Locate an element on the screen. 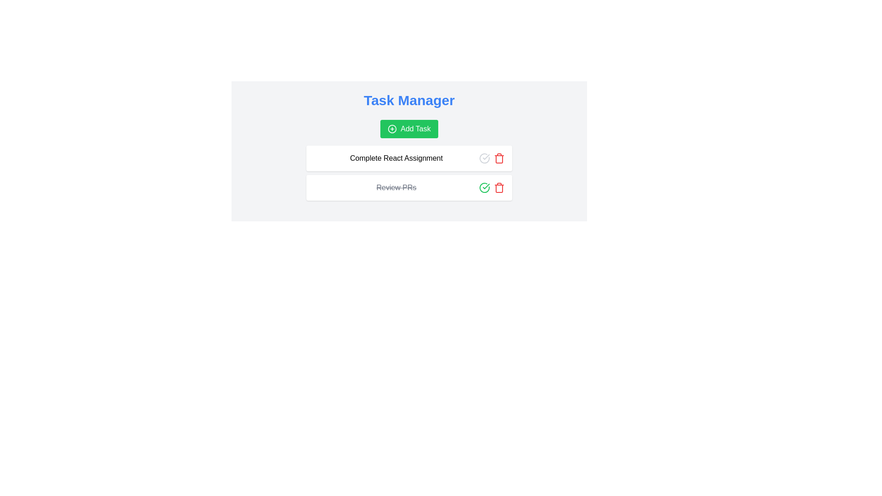  the action icon representing task completion is located at coordinates (484, 158).